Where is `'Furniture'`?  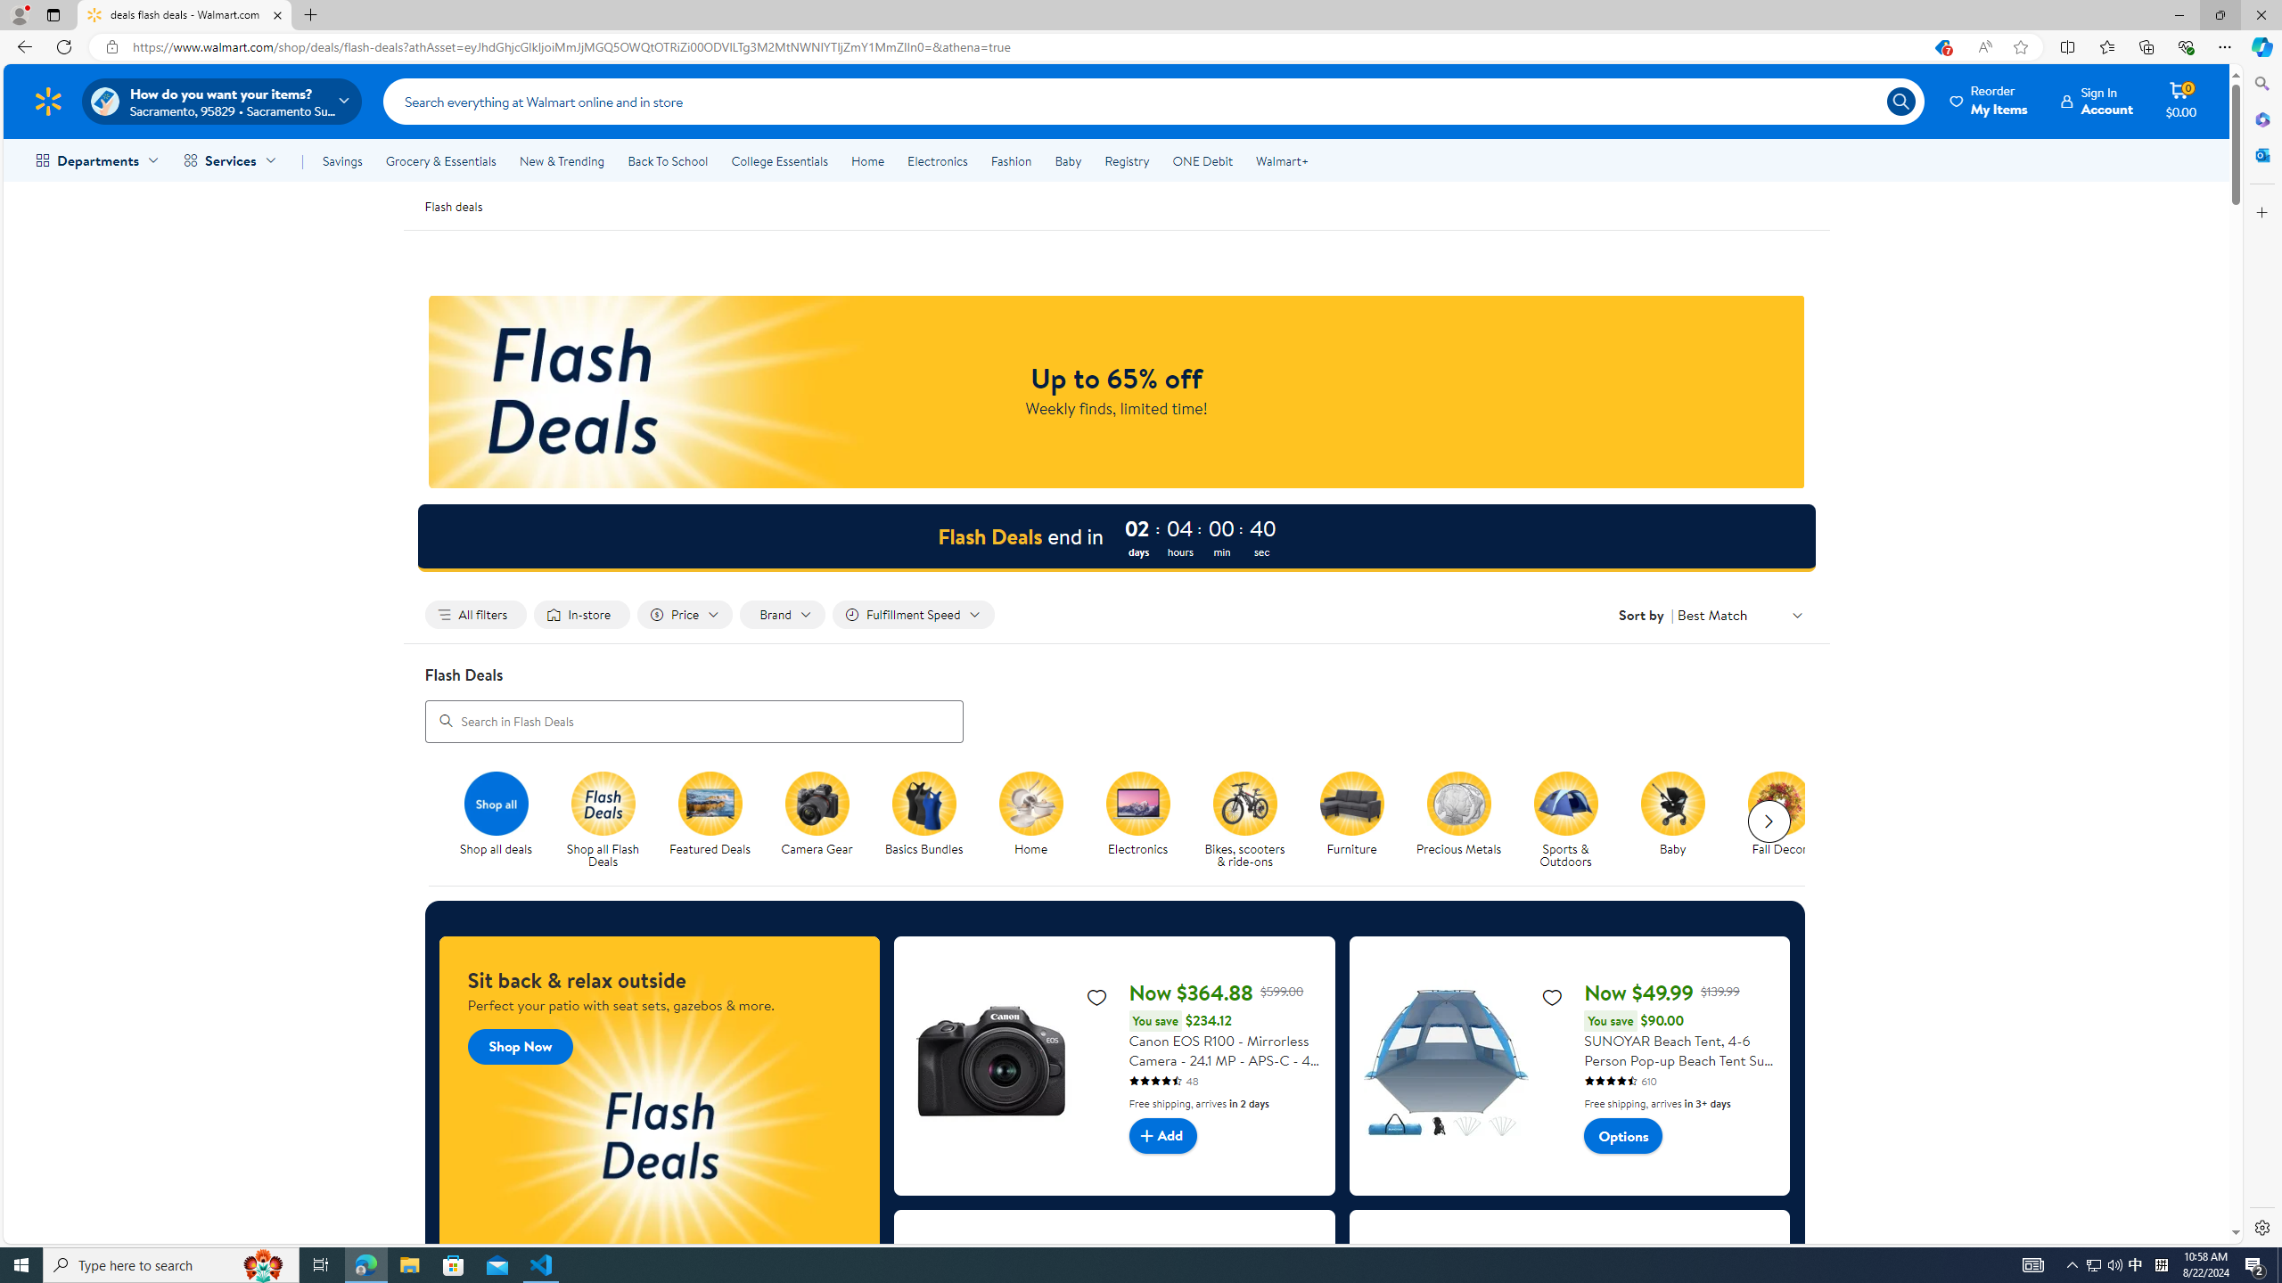
'Furniture' is located at coordinates (1359, 820).